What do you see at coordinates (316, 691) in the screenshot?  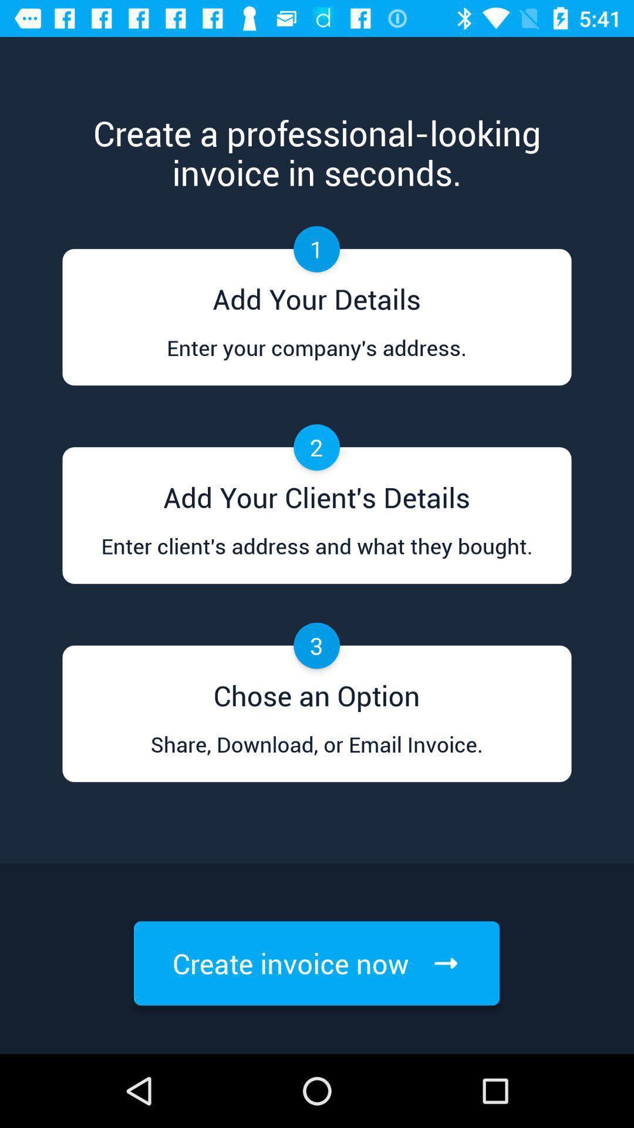 I see `chose an option` at bounding box center [316, 691].